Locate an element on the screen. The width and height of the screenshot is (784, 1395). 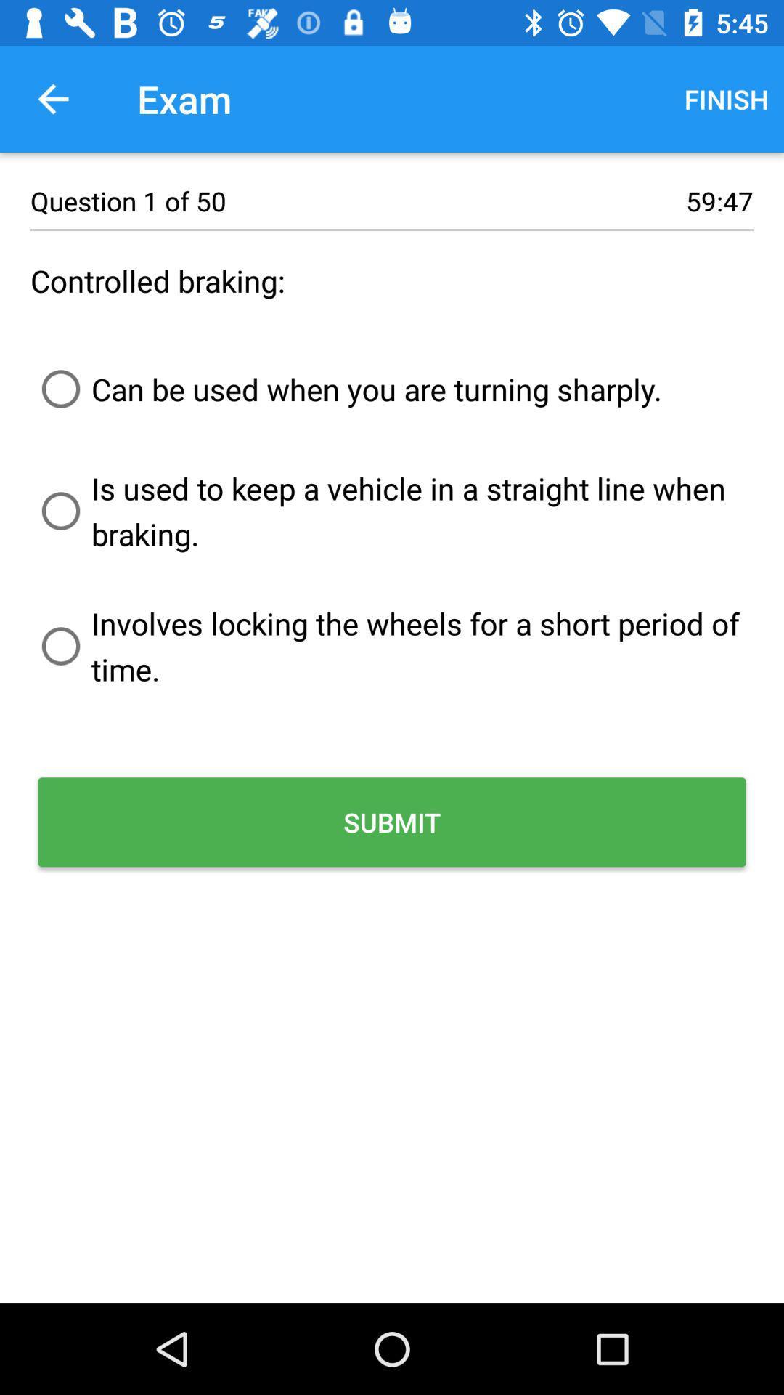
the icon below the controlled braking: icon is located at coordinates (346, 389).